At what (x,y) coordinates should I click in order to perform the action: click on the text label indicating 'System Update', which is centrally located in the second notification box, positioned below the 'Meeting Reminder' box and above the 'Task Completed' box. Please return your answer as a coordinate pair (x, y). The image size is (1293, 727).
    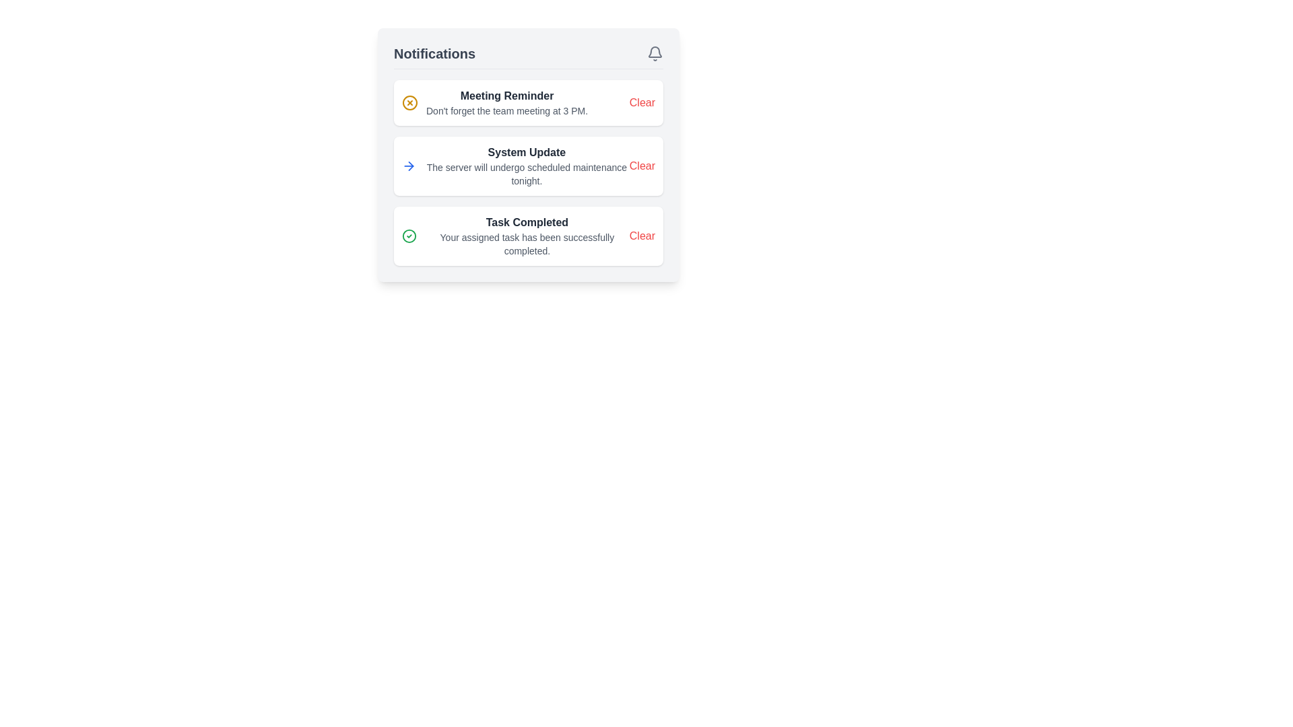
    Looking at the image, I should click on (526, 152).